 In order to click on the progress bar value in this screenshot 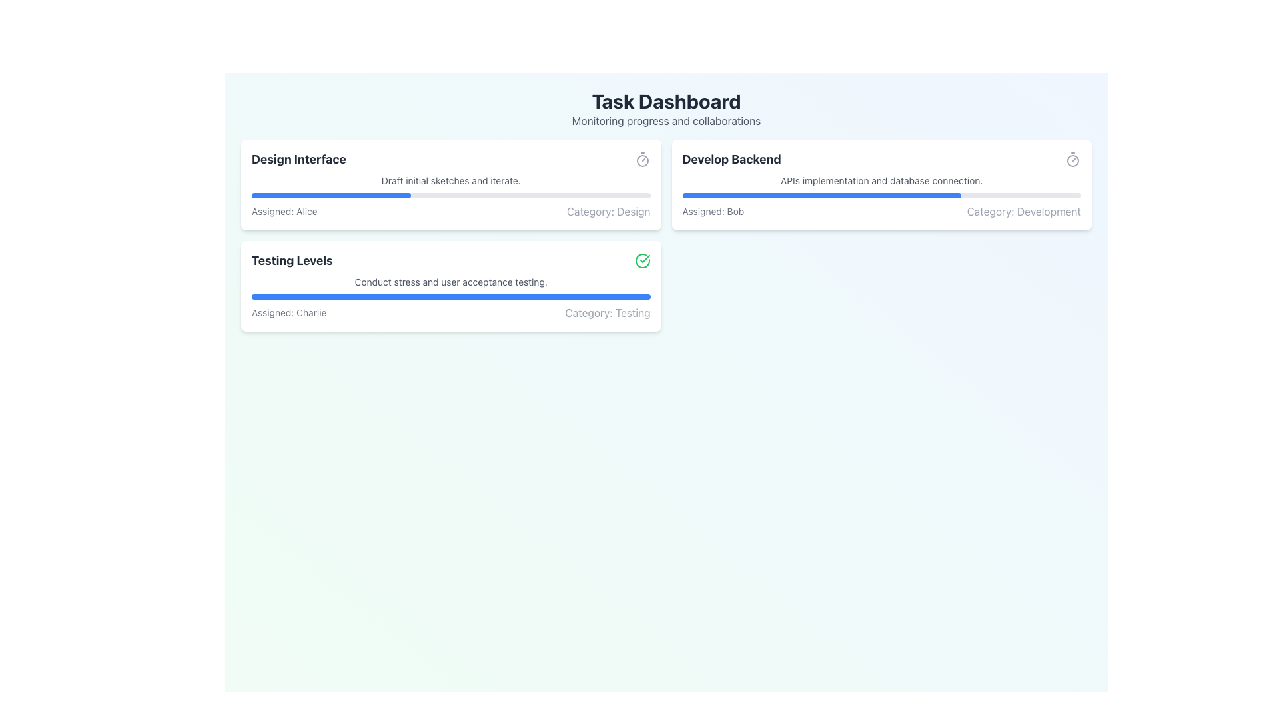, I will do `click(883, 195)`.